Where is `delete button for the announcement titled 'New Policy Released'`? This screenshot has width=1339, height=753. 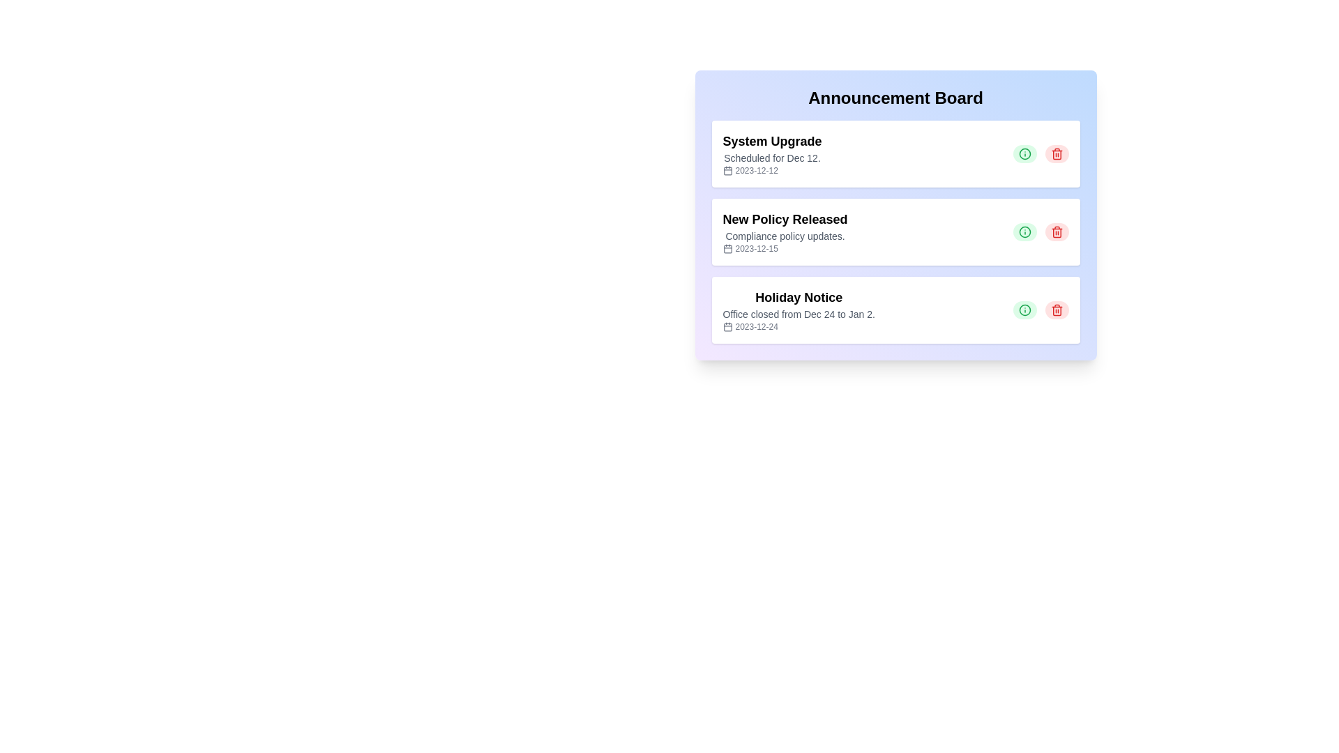 delete button for the announcement titled 'New Policy Released' is located at coordinates (1057, 231).